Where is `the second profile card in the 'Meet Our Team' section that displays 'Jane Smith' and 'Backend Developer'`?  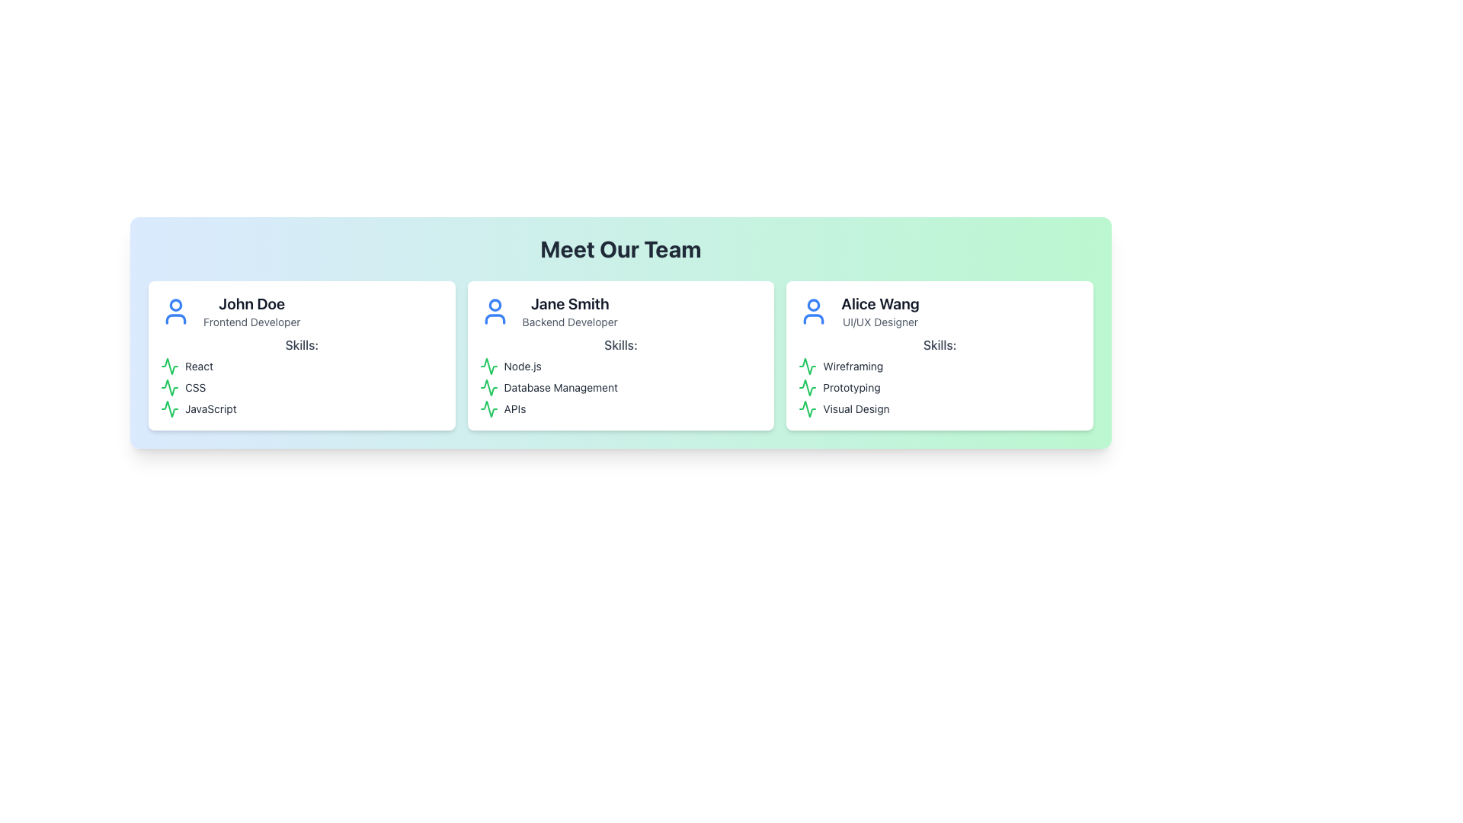
the second profile card in the 'Meet Our Team' section that displays 'Jane Smith' and 'Backend Developer' is located at coordinates (569, 310).